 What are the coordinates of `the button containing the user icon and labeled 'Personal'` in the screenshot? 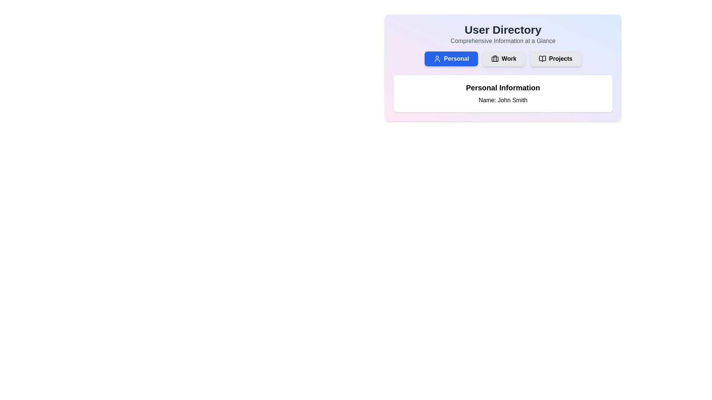 It's located at (437, 58).